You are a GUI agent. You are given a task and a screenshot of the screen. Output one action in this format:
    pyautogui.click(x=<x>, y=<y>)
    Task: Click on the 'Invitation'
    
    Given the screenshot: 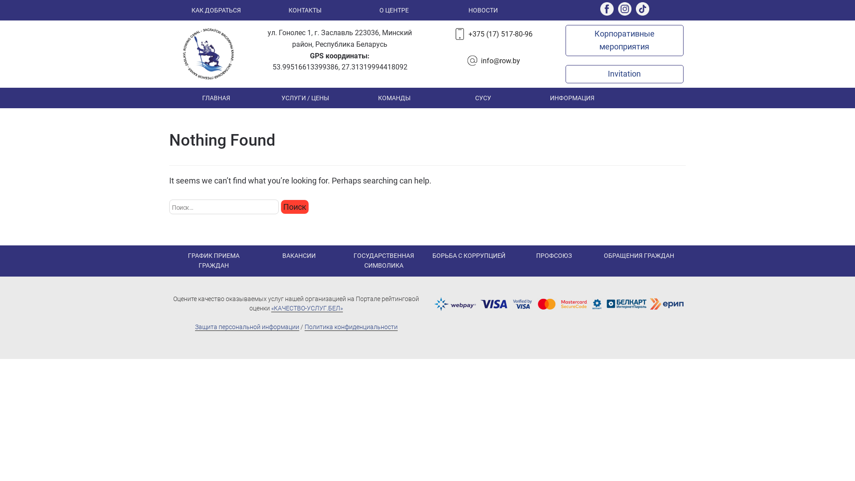 What is the action you would take?
    pyautogui.click(x=623, y=73)
    